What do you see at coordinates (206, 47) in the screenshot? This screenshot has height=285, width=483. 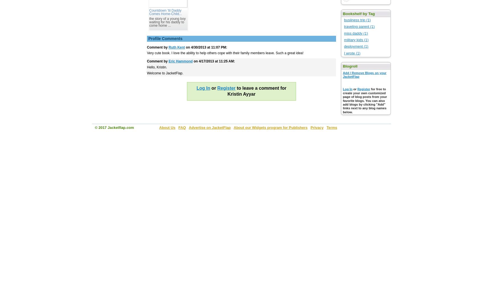 I see `'on 4/30/2013 at 11:07 PM:'` at bounding box center [206, 47].